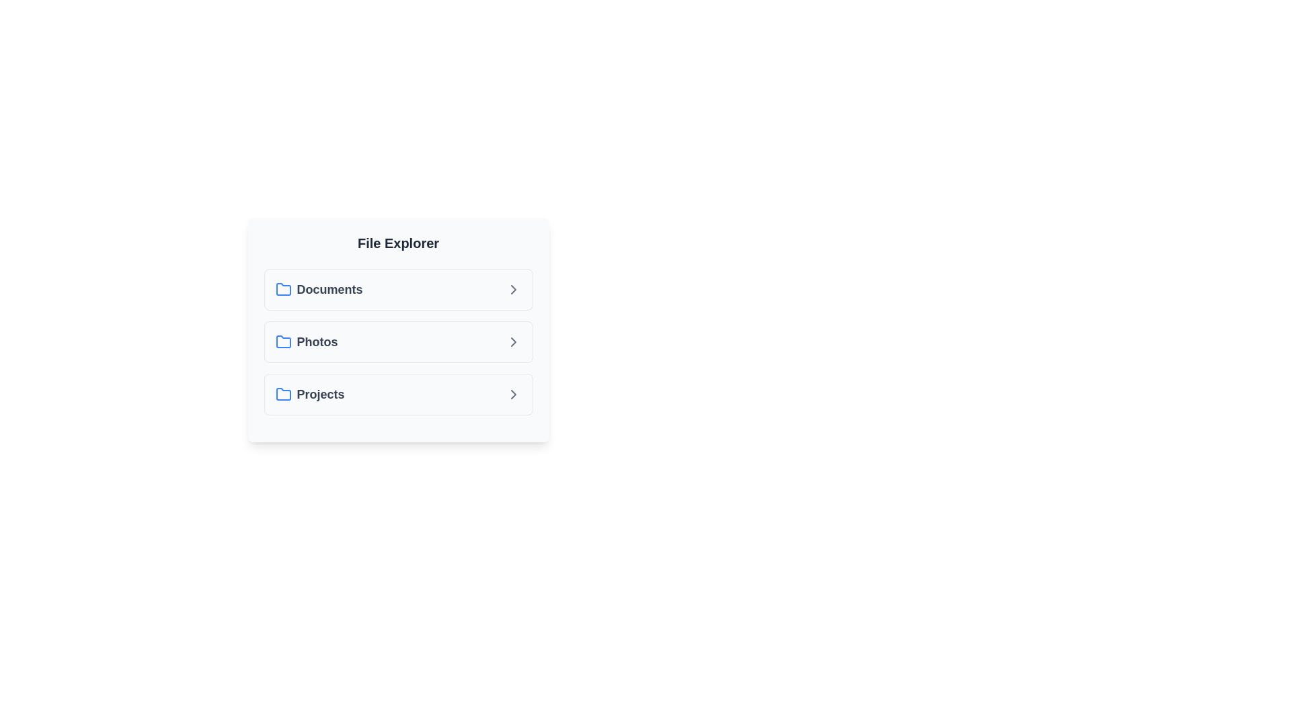 This screenshot has width=1291, height=726. Describe the element at coordinates (512, 393) in the screenshot. I see `arrow icon next to the folder named Projects` at that location.